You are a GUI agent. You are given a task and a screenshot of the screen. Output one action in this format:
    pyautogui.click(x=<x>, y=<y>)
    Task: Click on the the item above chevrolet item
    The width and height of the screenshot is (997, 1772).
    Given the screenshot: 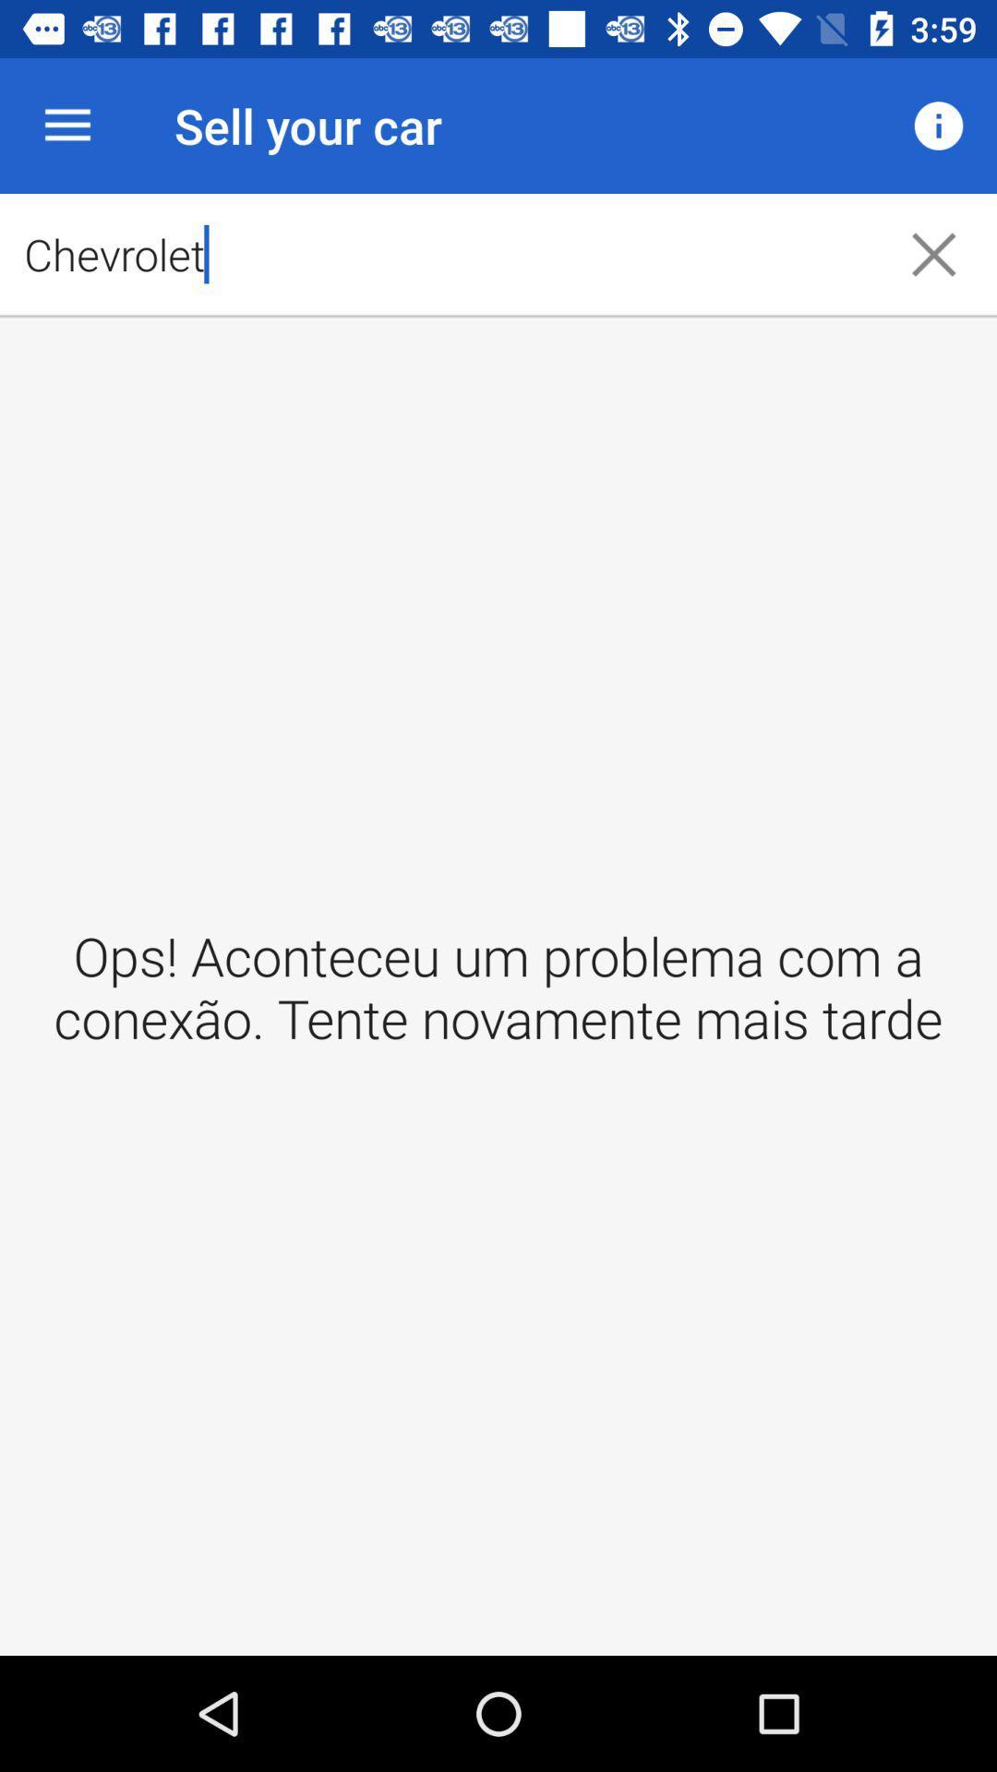 What is the action you would take?
    pyautogui.click(x=66, y=125)
    